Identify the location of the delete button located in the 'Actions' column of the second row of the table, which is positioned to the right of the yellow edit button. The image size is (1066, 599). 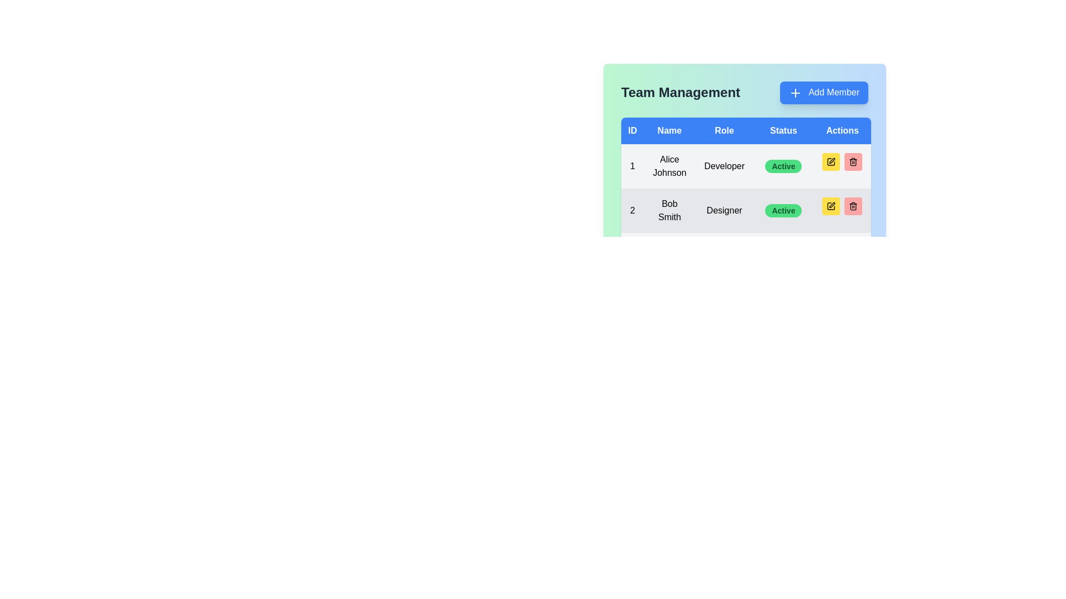
(853, 161).